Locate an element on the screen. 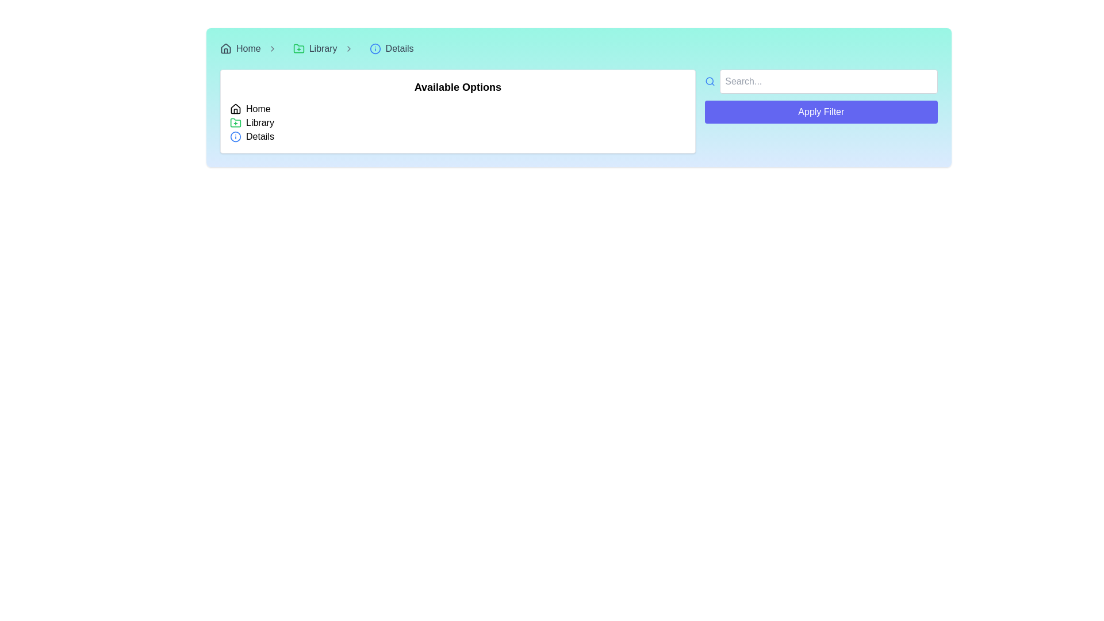 Image resolution: width=1104 pixels, height=621 pixels. the static text label displaying 'Home' in the breadcrumb navigation bar is located at coordinates (258, 109).